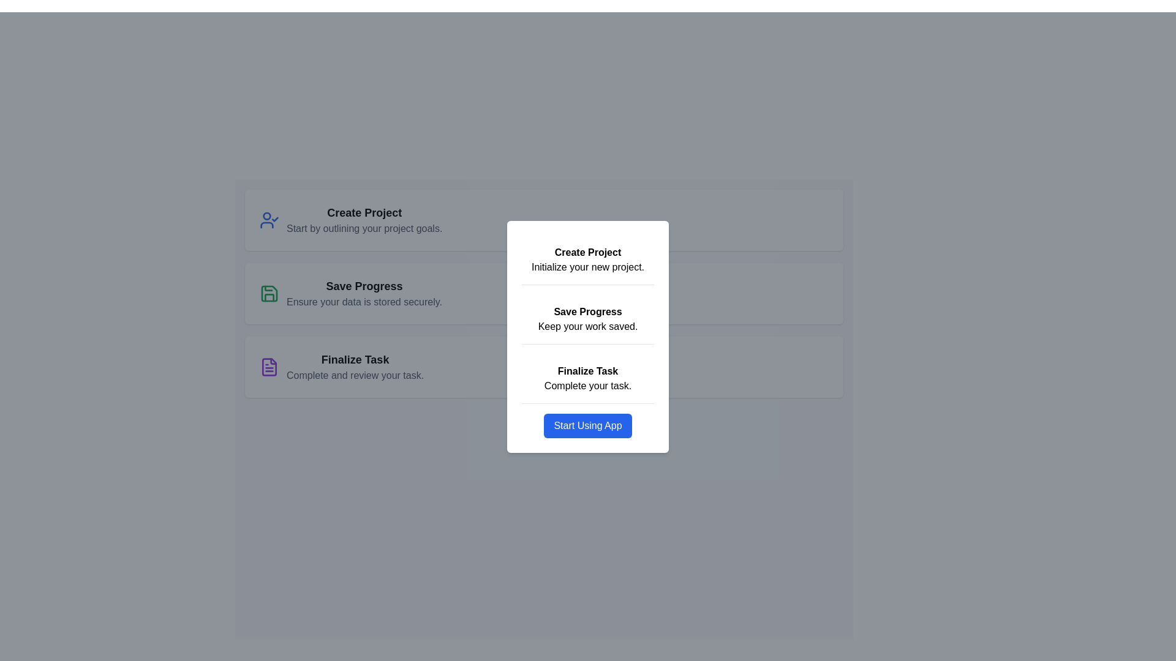 This screenshot has width=1176, height=661. Describe the element at coordinates (269, 297) in the screenshot. I see `the green save icon located within the 'Save Progress' card at the bottom center of the vertical list in the left panel` at that location.